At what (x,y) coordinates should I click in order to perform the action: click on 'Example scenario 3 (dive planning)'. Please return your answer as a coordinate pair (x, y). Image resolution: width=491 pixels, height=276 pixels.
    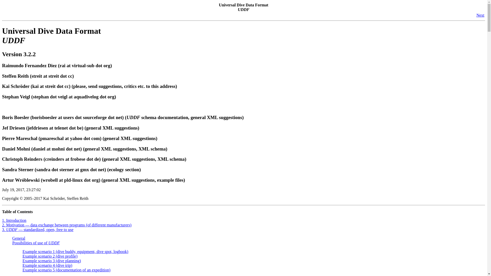
    Looking at the image, I should click on (51, 261).